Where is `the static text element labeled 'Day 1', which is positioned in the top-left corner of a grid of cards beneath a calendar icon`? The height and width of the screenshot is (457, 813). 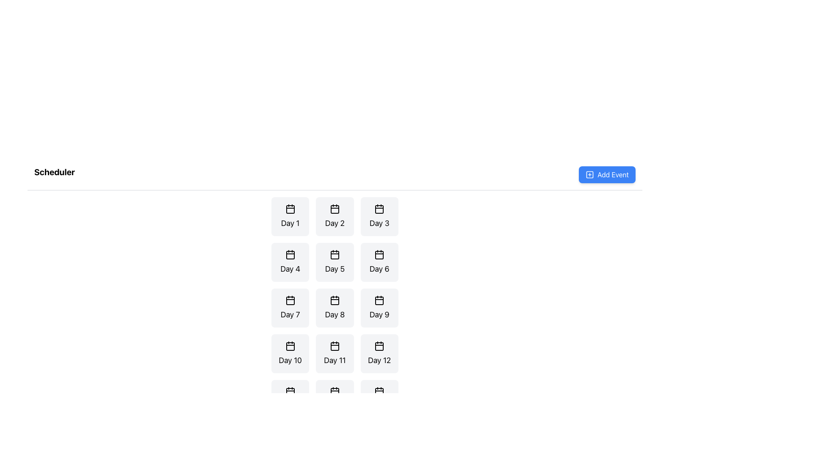 the static text element labeled 'Day 1', which is positioned in the top-left corner of a grid of cards beneath a calendar icon is located at coordinates (290, 223).